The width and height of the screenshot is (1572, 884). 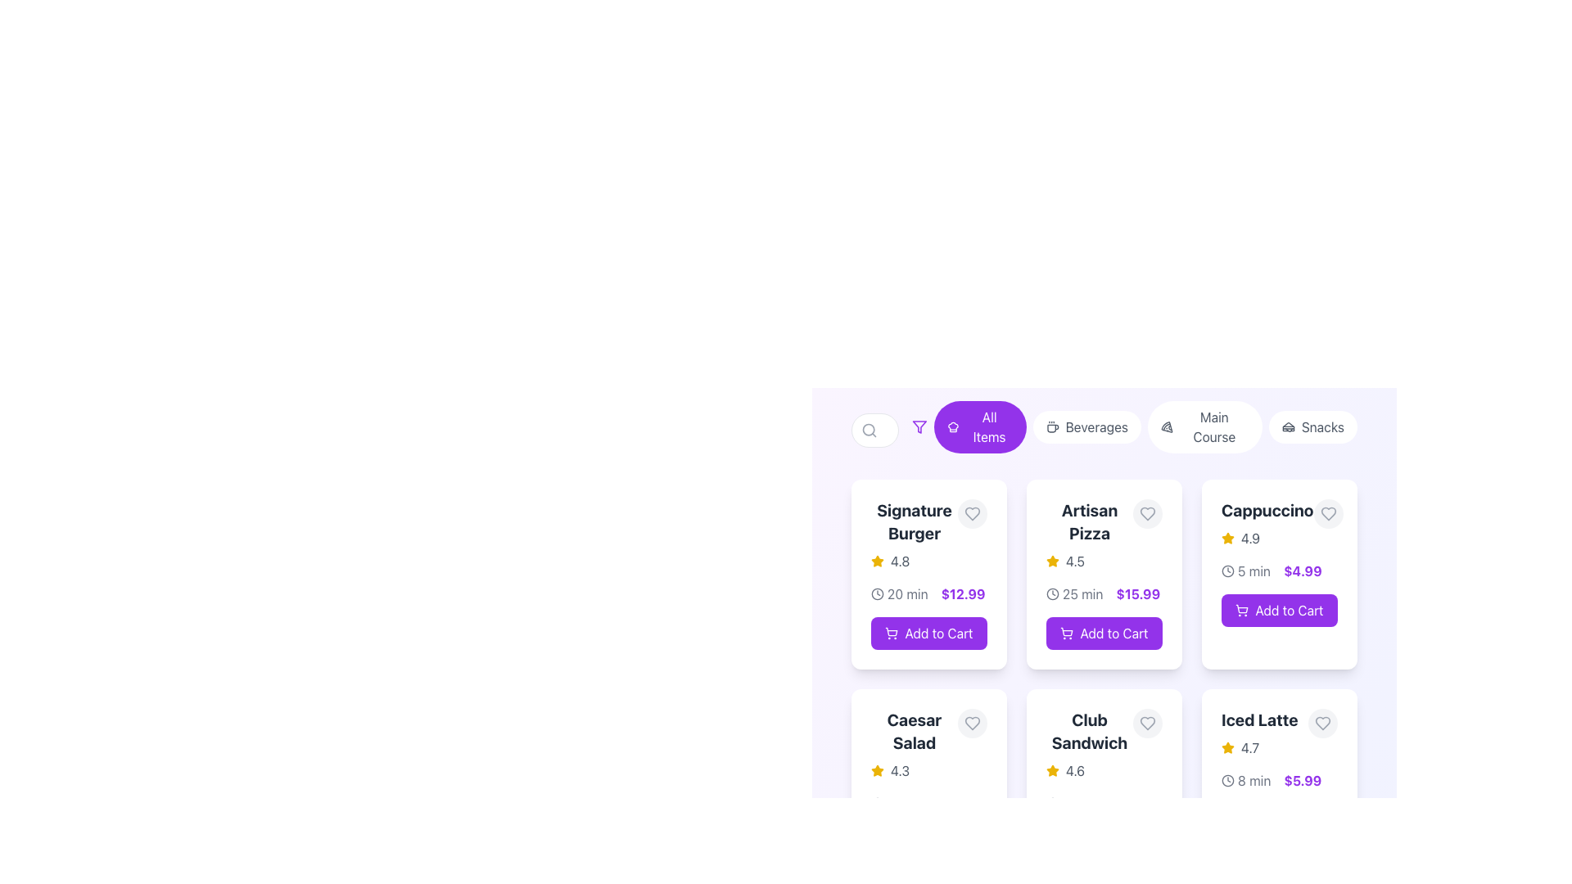 What do you see at coordinates (1279, 610) in the screenshot?
I see `the call-to-action button located at the bottom center of the 'Cappuccino' product card` at bounding box center [1279, 610].